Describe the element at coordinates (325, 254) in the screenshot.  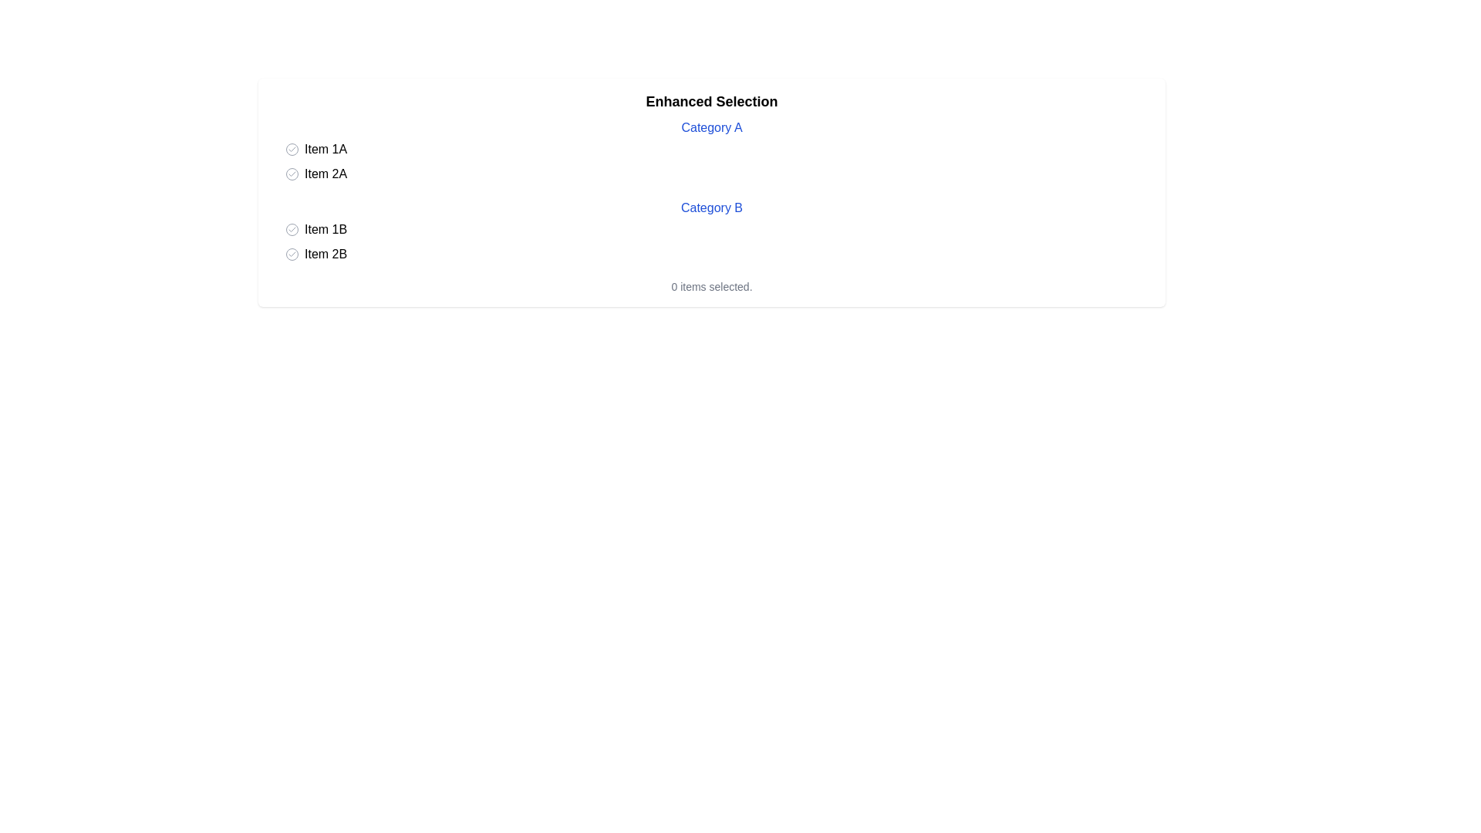
I see `text of the list item 'Item 2B', which is the fourth item in the vertically ordered list under 'Item 1B' within the 'Category B' section` at that location.